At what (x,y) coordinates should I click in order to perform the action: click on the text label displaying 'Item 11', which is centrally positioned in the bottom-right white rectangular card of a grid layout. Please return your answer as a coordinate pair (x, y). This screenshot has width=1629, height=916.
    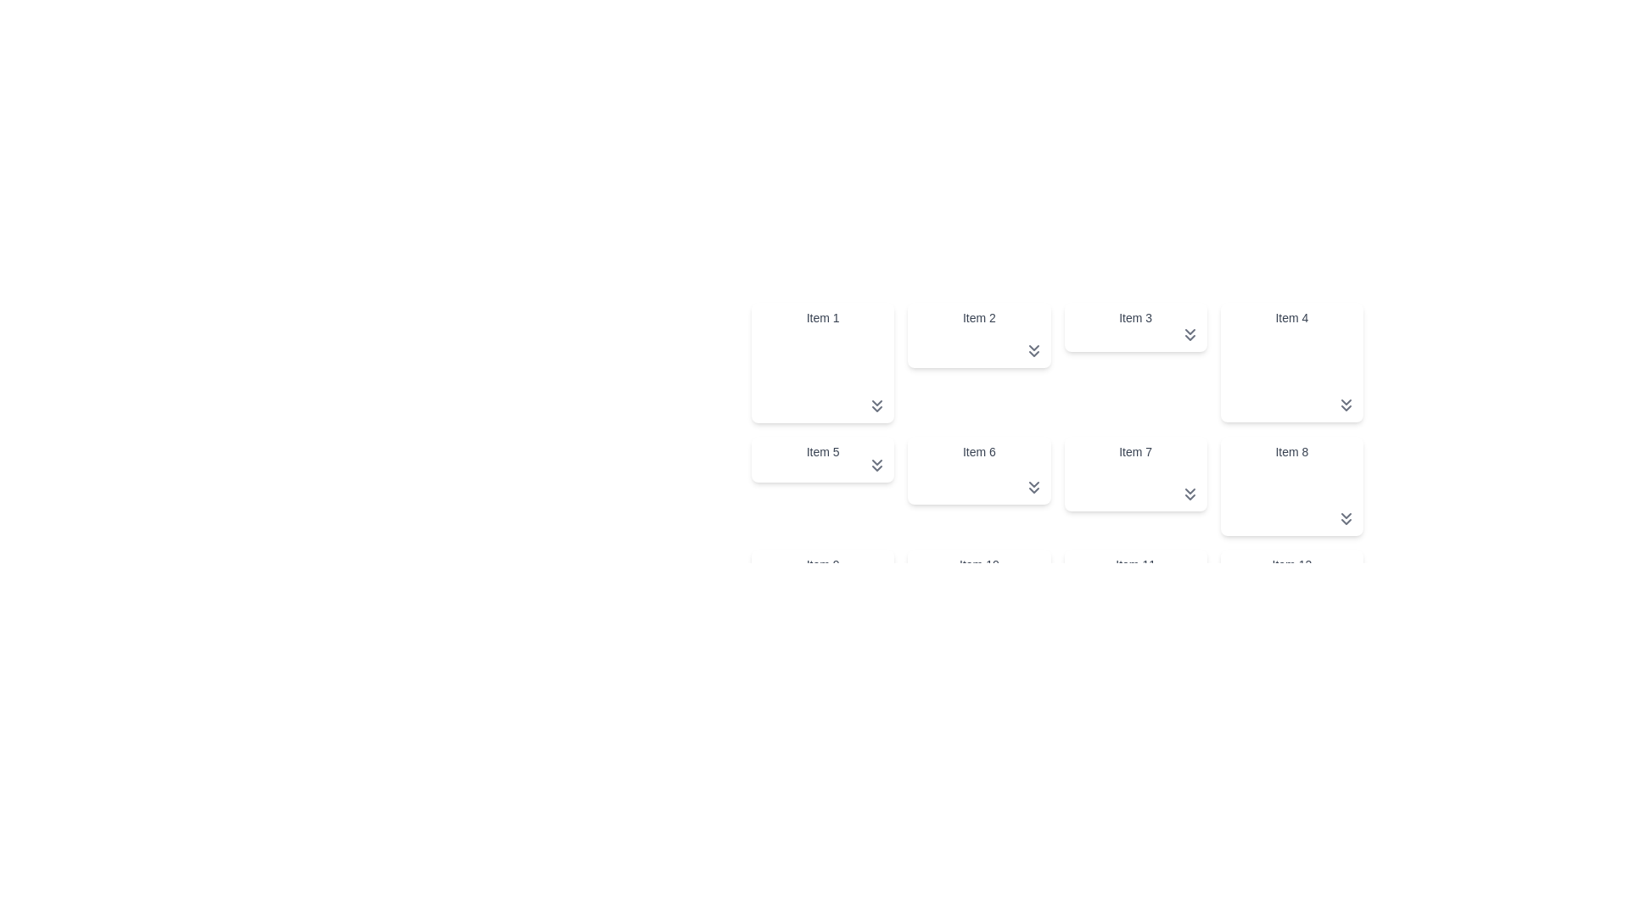
    Looking at the image, I should click on (1135, 564).